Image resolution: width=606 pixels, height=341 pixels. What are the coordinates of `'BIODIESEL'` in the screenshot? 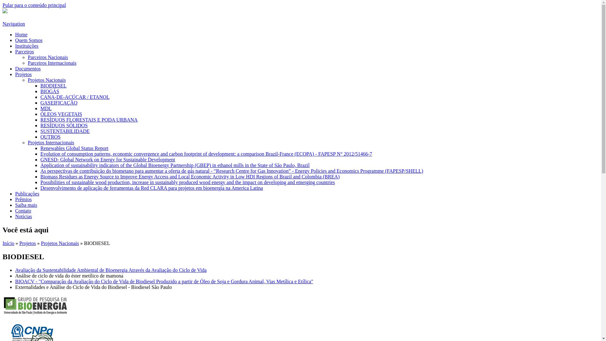 It's located at (40, 86).